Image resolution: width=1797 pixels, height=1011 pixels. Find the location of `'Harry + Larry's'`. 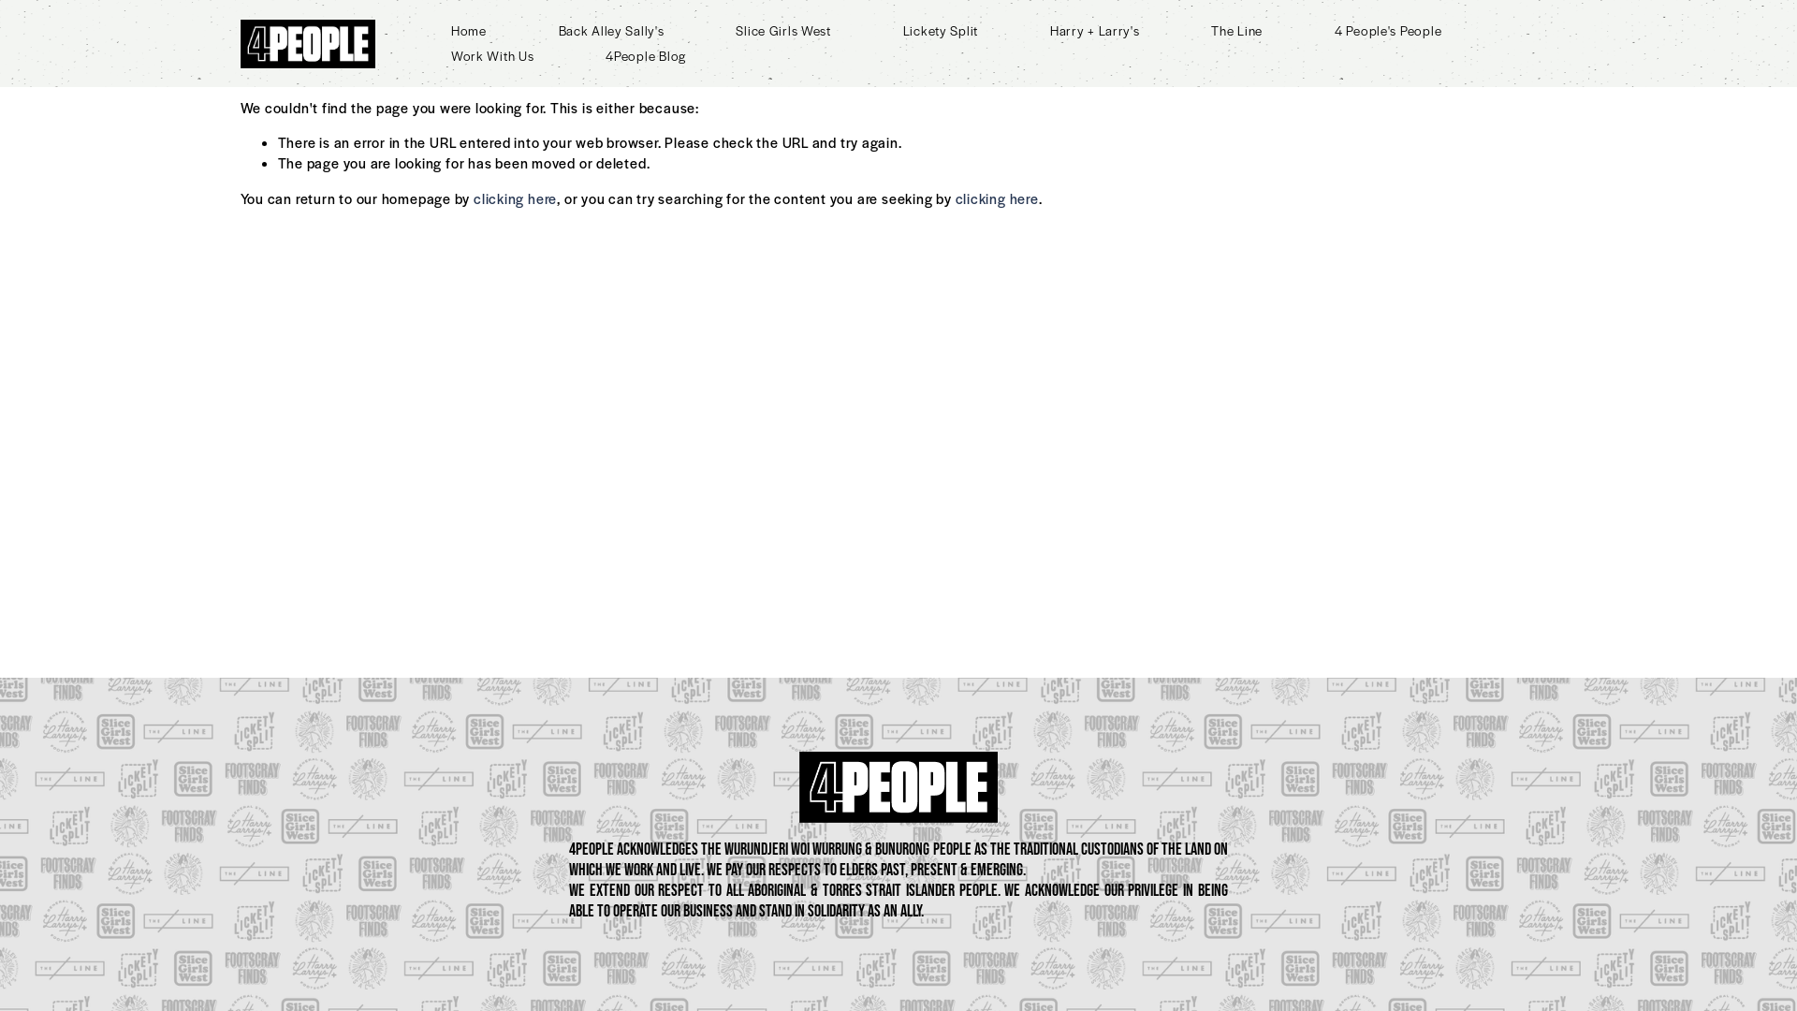

'Harry + Larry's' is located at coordinates (1095, 30).